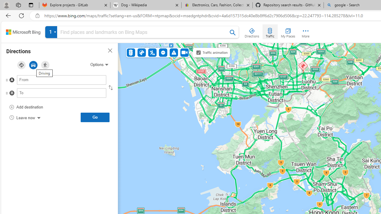  What do you see at coordinates (141, 52) in the screenshot?
I see `'Accidents'` at bounding box center [141, 52].